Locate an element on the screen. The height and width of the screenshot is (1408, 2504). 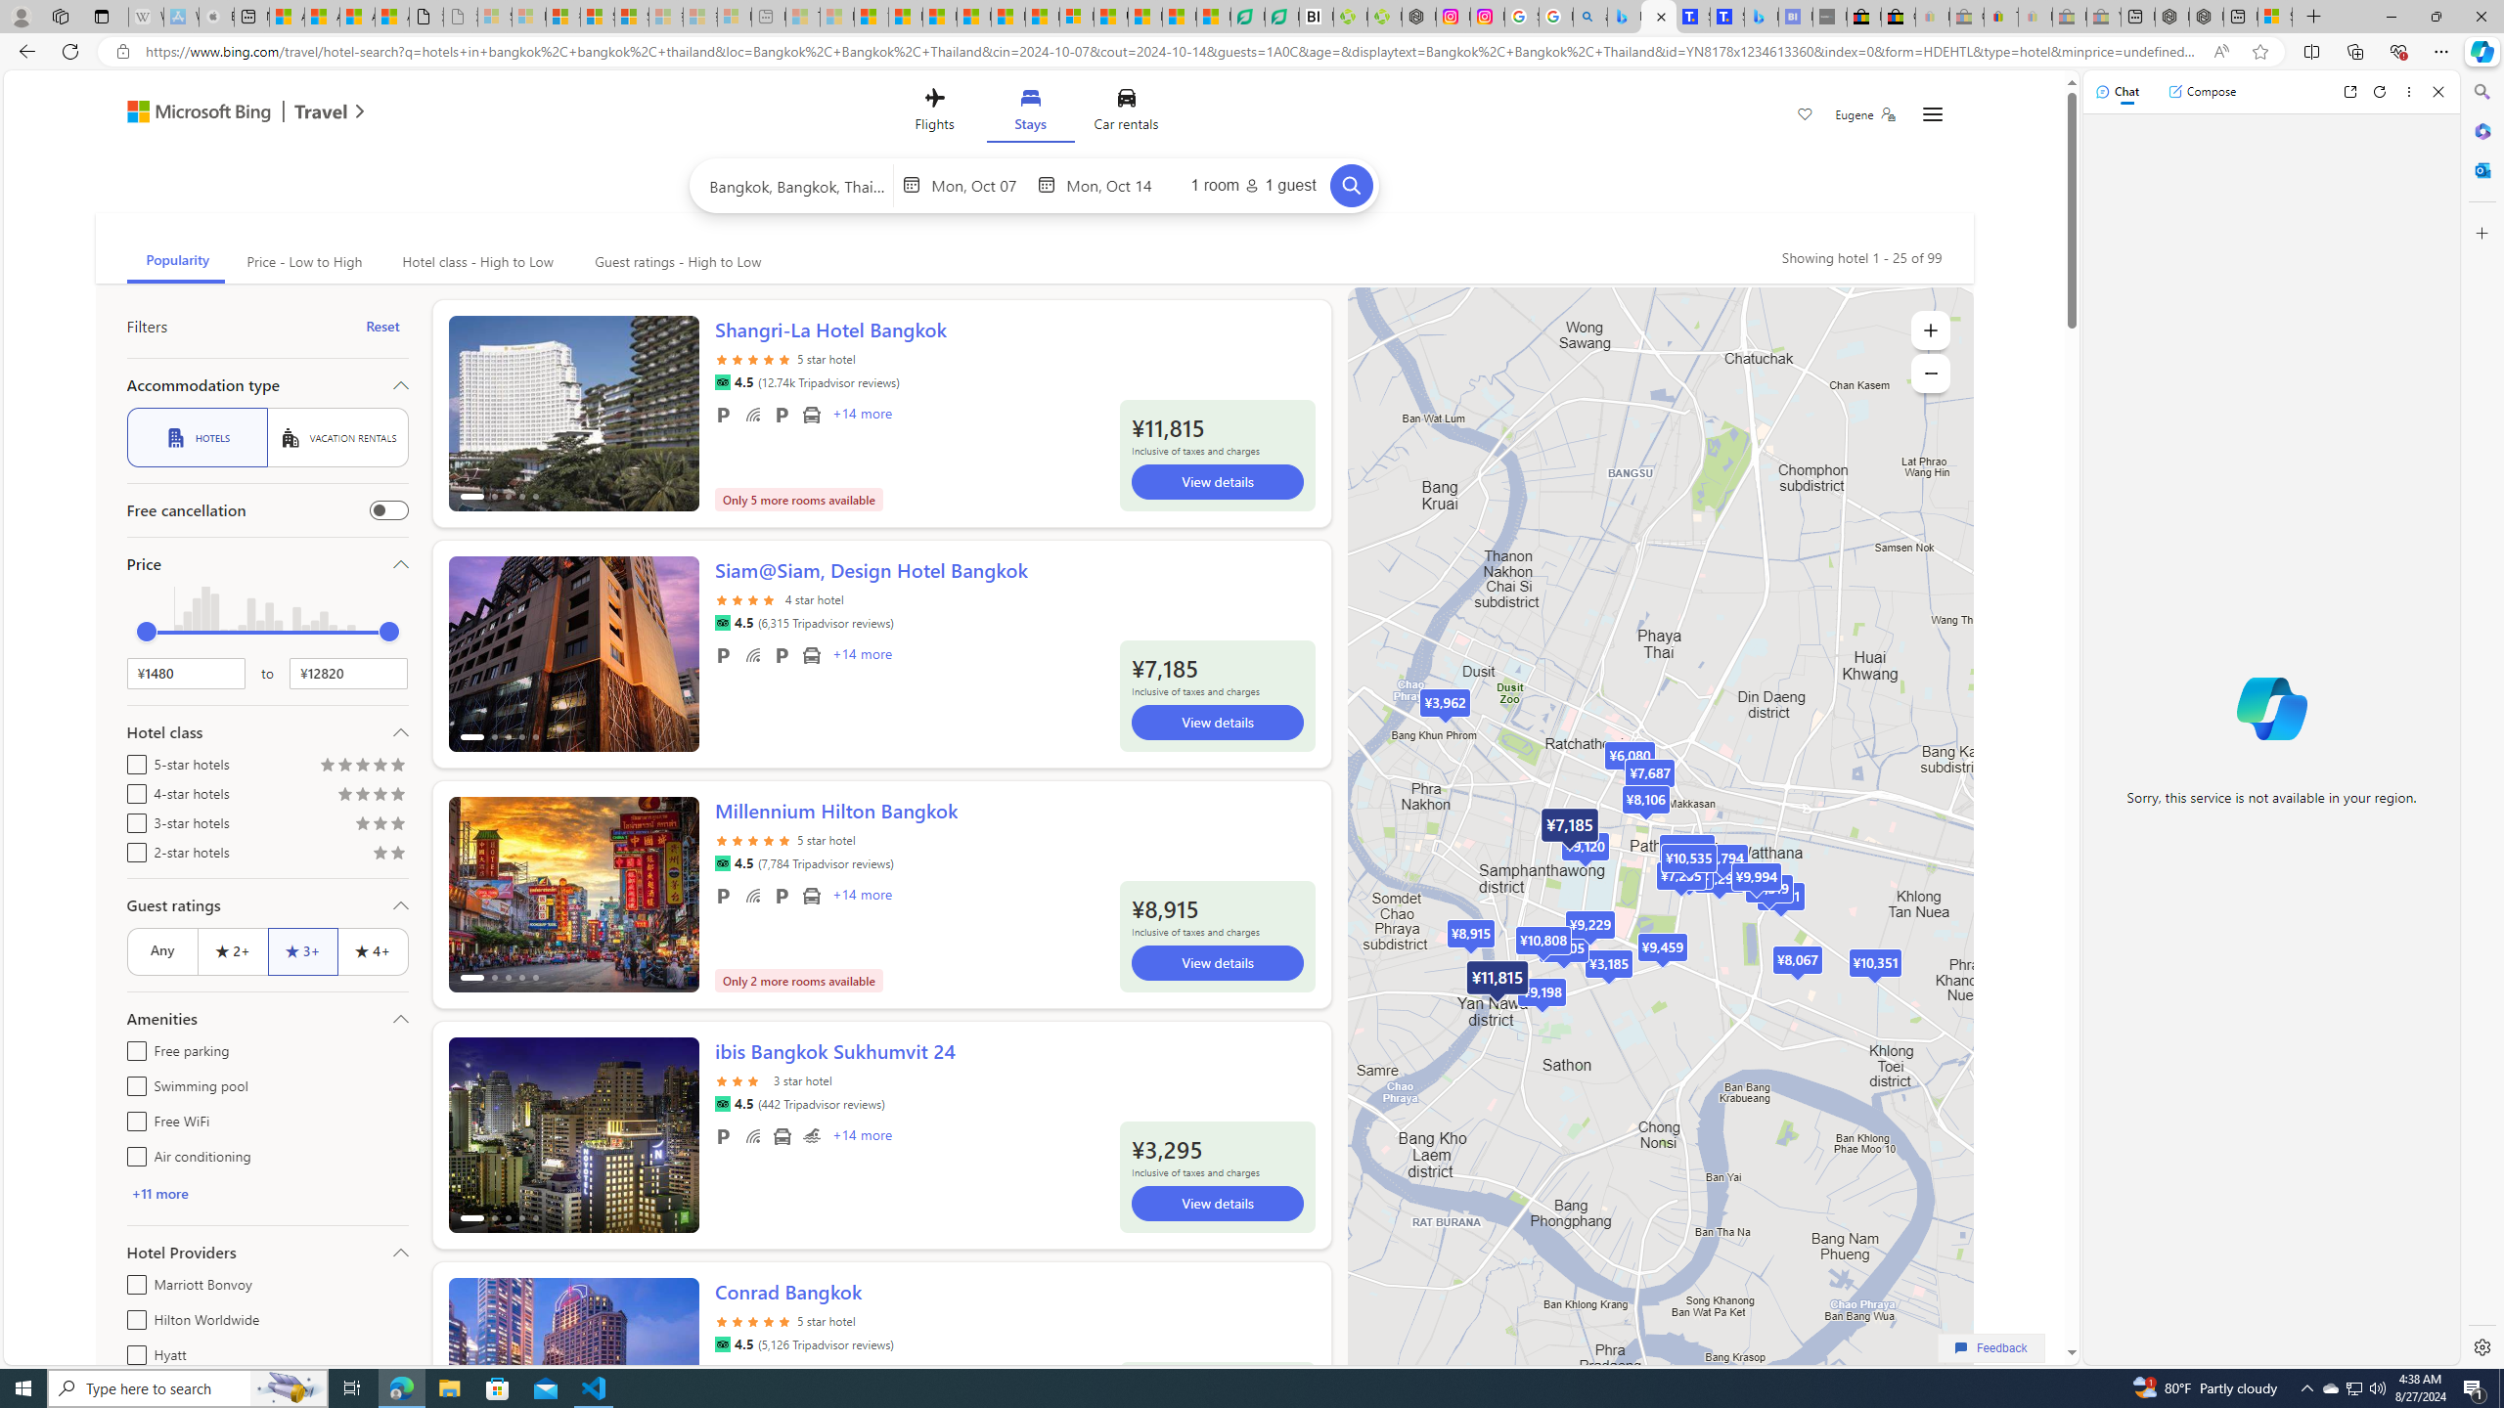
'Payments Terms of Use | eBay.com - Sleeping' is located at coordinates (2034, 16).